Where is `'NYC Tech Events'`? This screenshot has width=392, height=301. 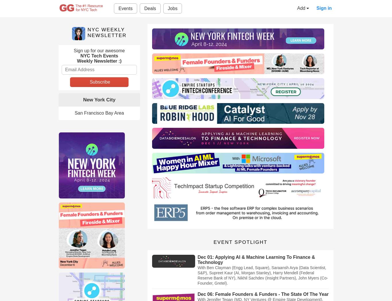
'NYC Tech Events' is located at coordinates (99, 55).